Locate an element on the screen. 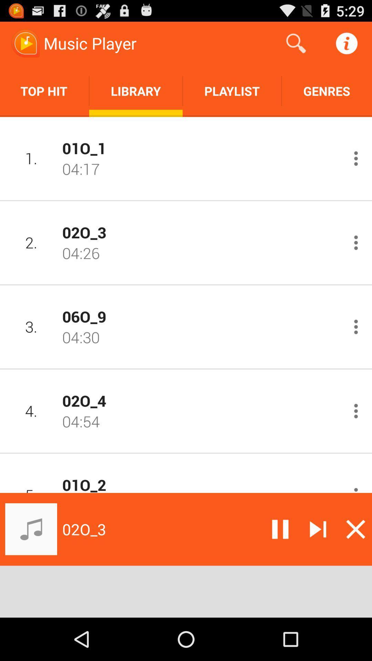 The image size is (372, 661). item to the left of the library icon is located at coordinates (44, 91).